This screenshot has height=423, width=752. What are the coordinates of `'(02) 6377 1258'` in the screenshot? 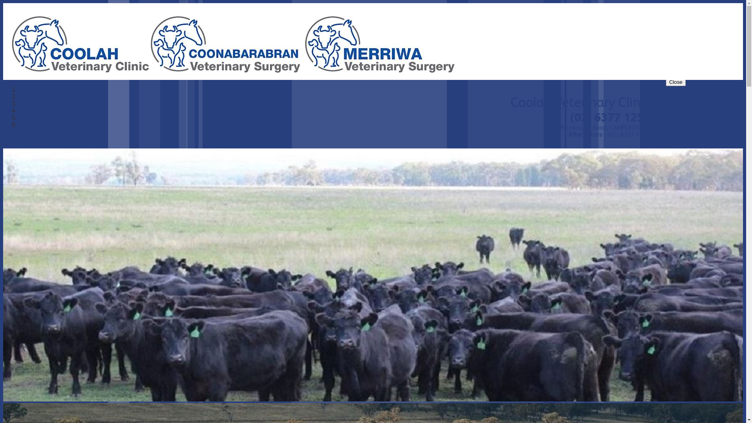 It's located at (570, 117).